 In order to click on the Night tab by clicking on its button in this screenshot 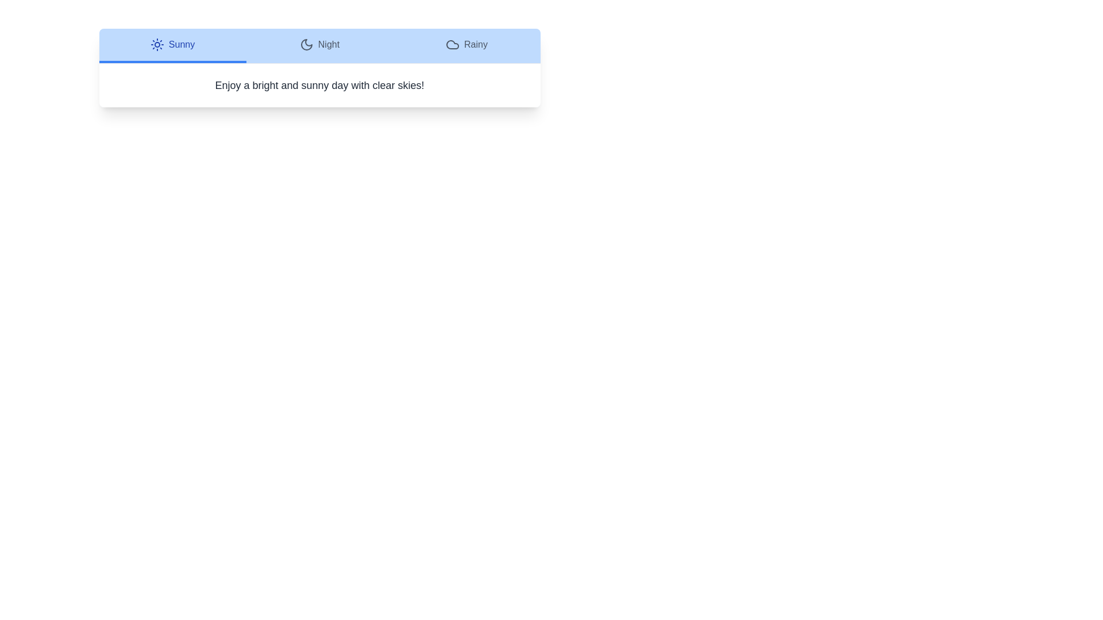, I will do `click(319, 45)`.